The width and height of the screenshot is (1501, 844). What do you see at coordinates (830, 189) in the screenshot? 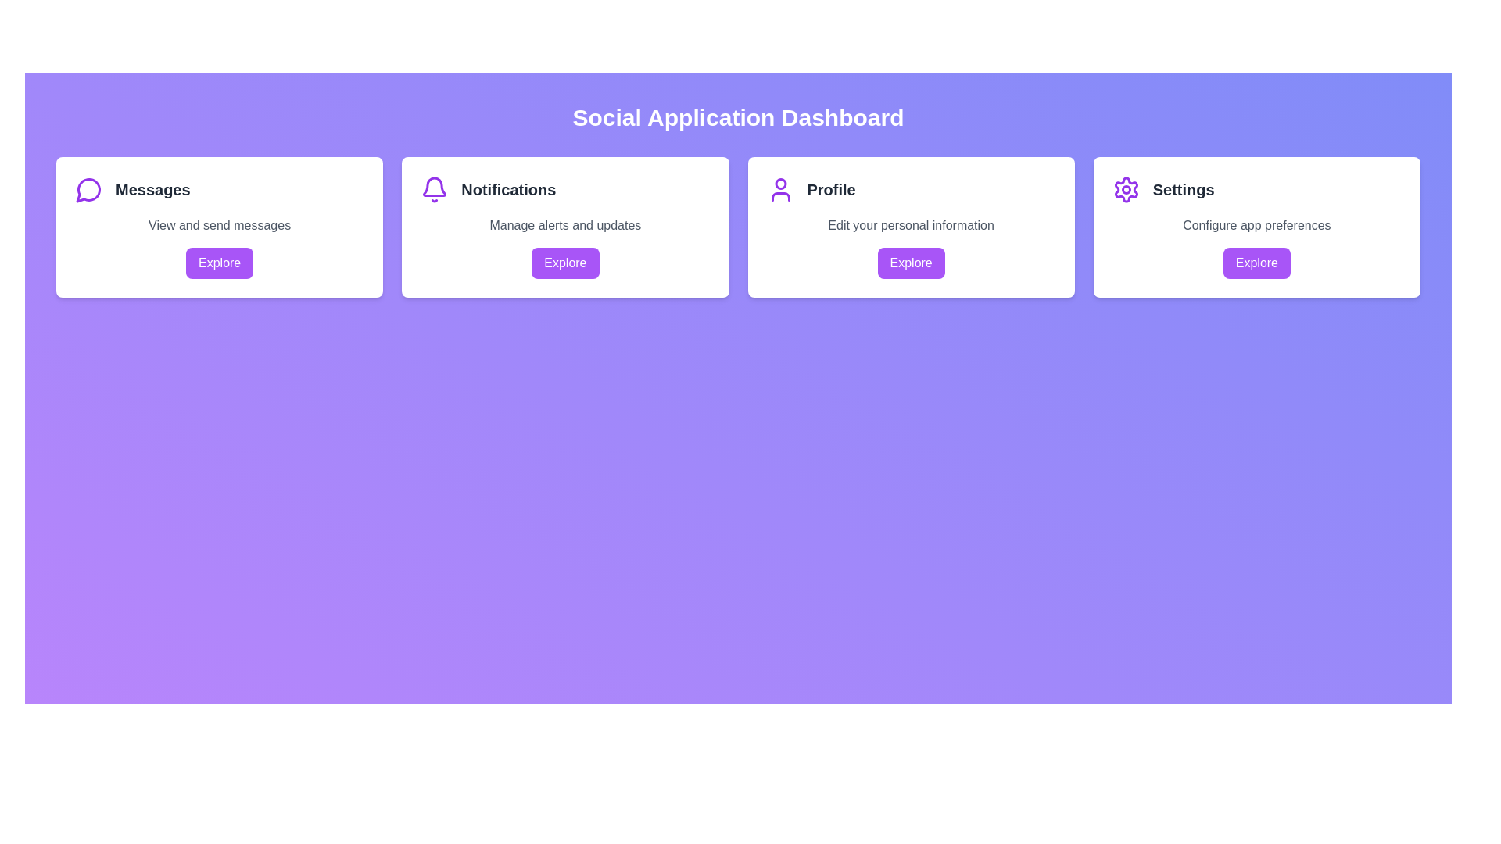
I see `text displayed in the title of the profile management card, which is located near the center of the card in the top row of the dashboard page, specifically the third card from the left` at bounding box center [830, 189].